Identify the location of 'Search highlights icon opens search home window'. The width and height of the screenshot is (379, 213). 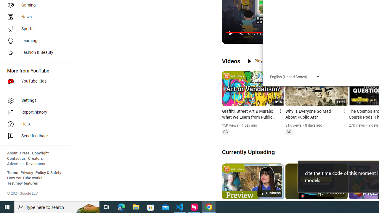
(87, 206).